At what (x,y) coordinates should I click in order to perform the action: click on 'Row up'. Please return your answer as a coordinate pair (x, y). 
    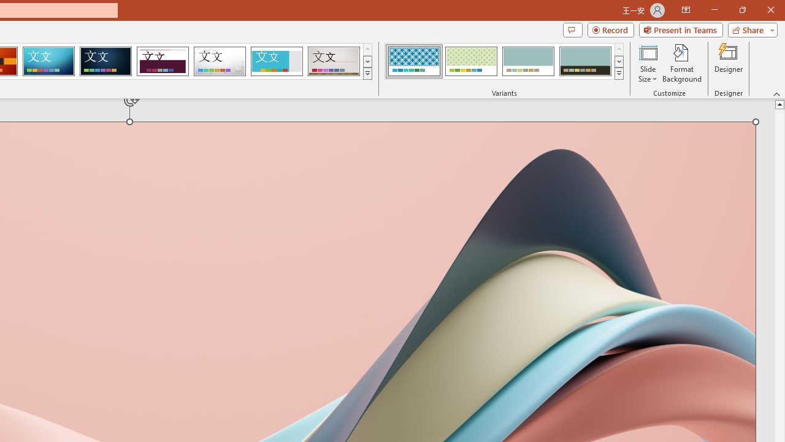
    Looking at the image, I should click on (619, 48).